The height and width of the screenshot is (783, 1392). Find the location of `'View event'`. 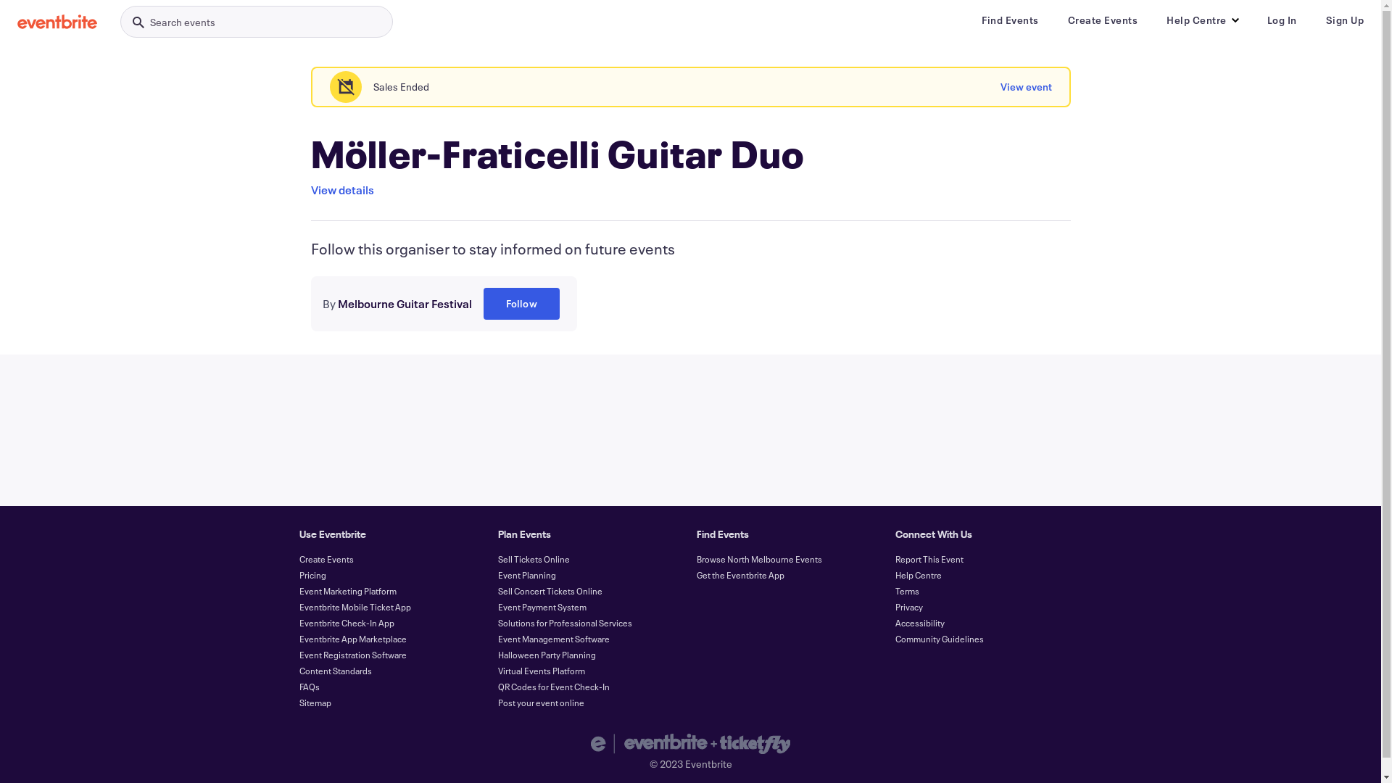

'View event' is located at coordinates (1025, 86).